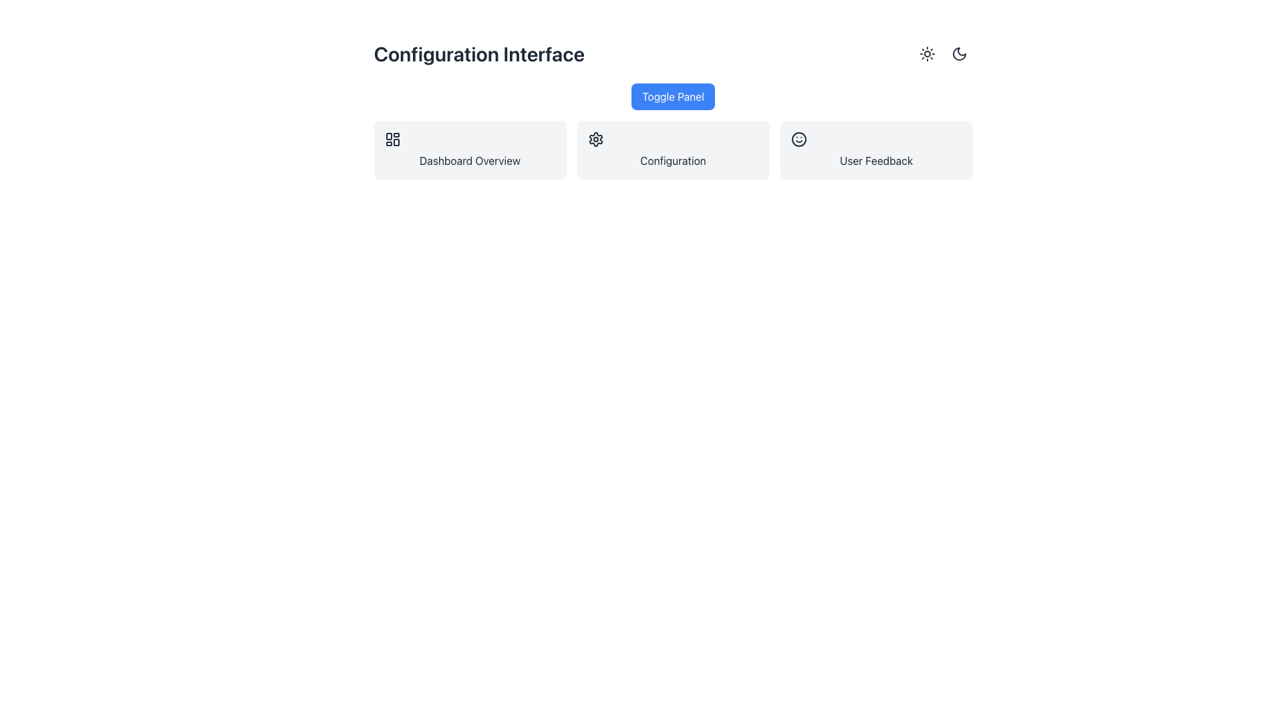 The width and height of the screenshot is (1283, 721). What do you see at coordinates (673, 109) in the screenshot?
I see `the toggle button located centrally above the sections labeled 'Dashboard Overview', 'Configuration', and 'User Feedback' to observe the hover effects` at bounding box center [673, 109].